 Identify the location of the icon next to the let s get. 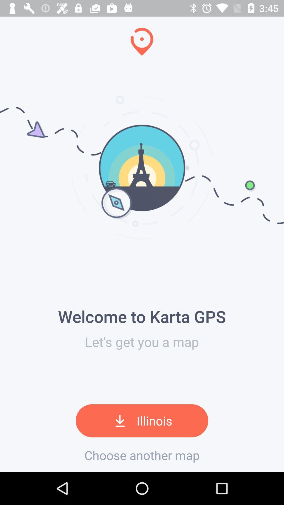
(2, 236).